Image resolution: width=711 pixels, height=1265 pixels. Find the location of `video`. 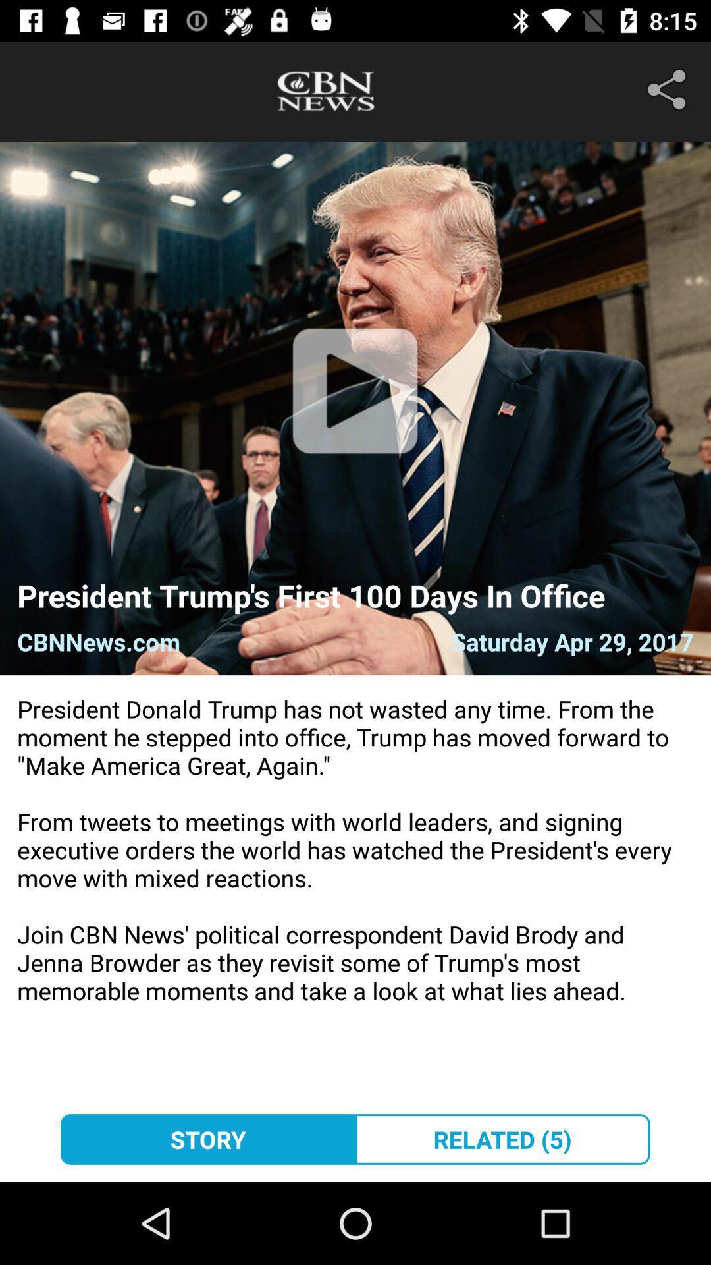

video is located at coordinates (354, 407).